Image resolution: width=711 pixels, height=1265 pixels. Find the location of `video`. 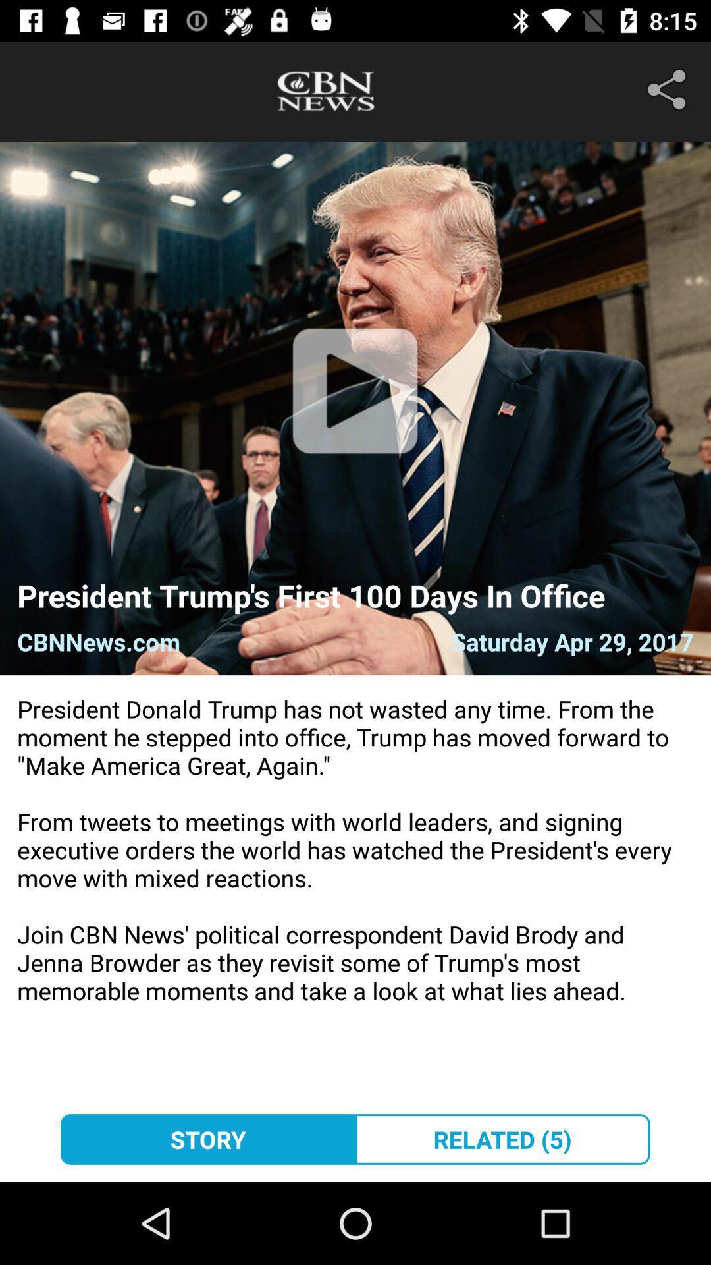

video is located at coordinates (354, 407).